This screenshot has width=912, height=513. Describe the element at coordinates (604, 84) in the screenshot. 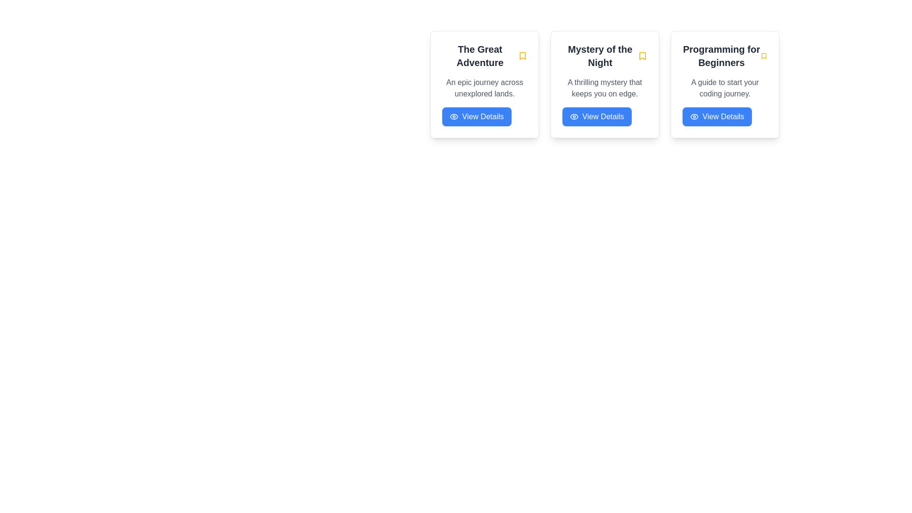

I see `the second card in the grid that has a white background, rounded corners, and a blue button labeled 'View Details'` at that location.